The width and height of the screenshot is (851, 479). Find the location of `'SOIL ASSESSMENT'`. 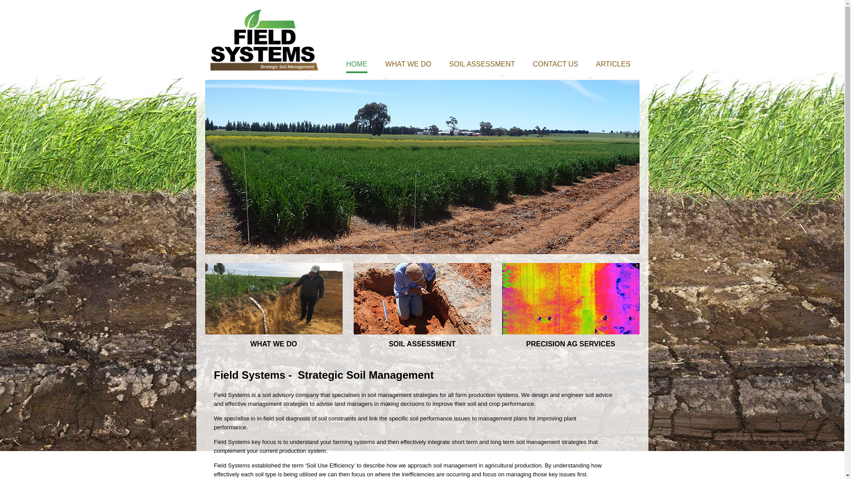

'SOIL ASSESSMENT' is located at coordinates (422, 343).